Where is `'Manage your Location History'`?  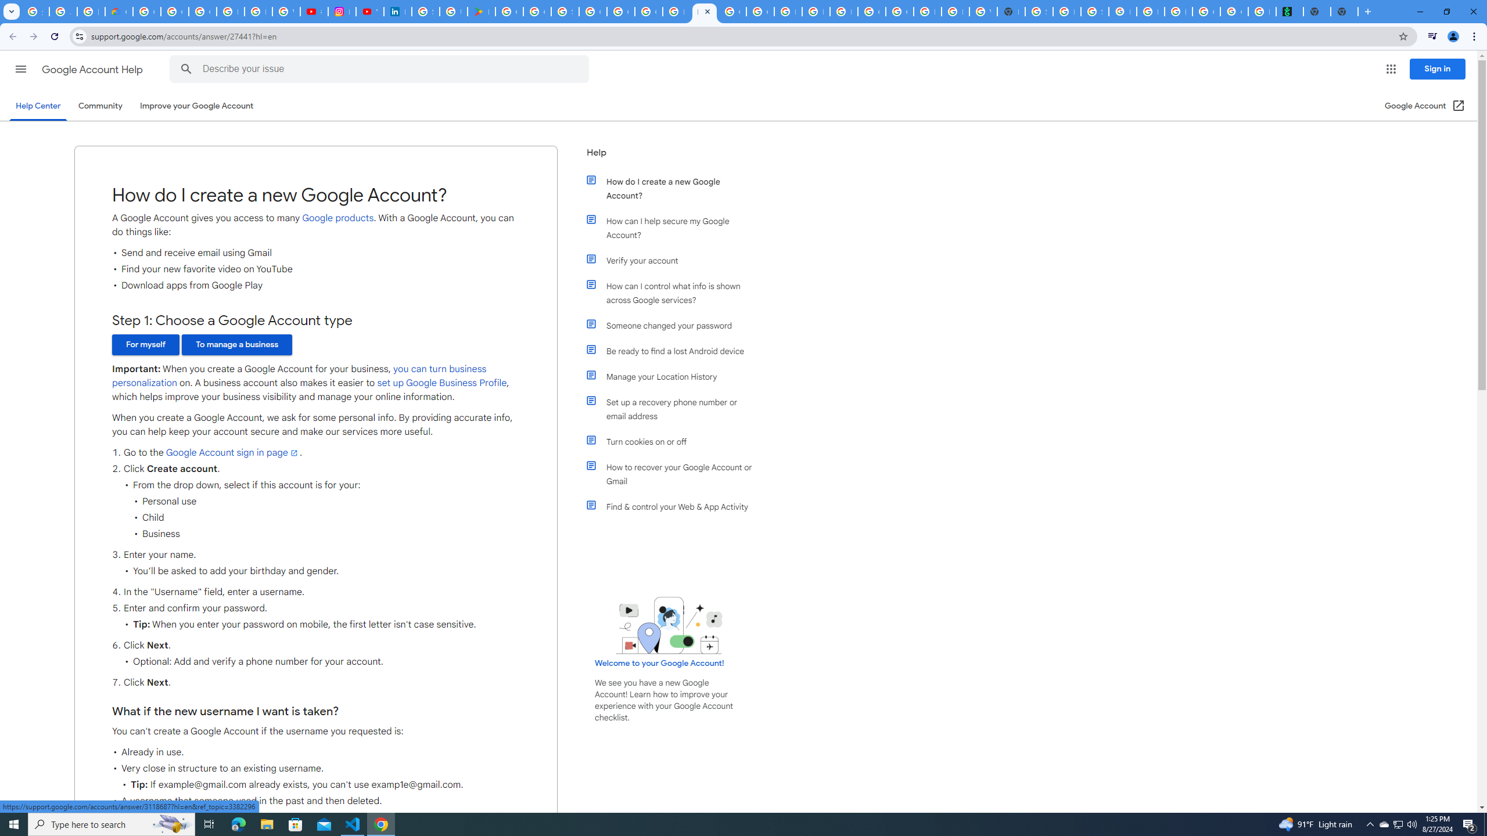 'Manage your Location History' is located at coordinates (675, 376).